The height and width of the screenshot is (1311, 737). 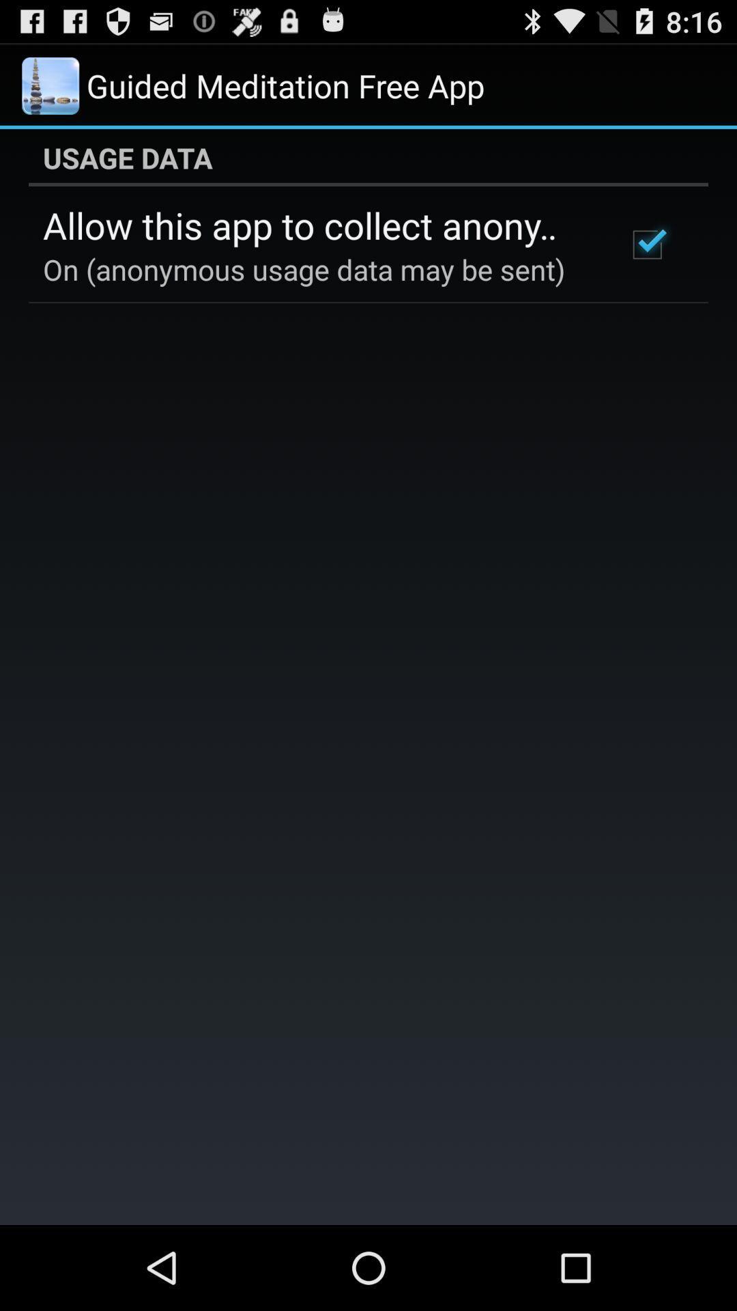 What do you see at coordinates (316, 225) in the screenshot?
I see `the app above on anonymous usage icon` at bounding box center [316, 225].